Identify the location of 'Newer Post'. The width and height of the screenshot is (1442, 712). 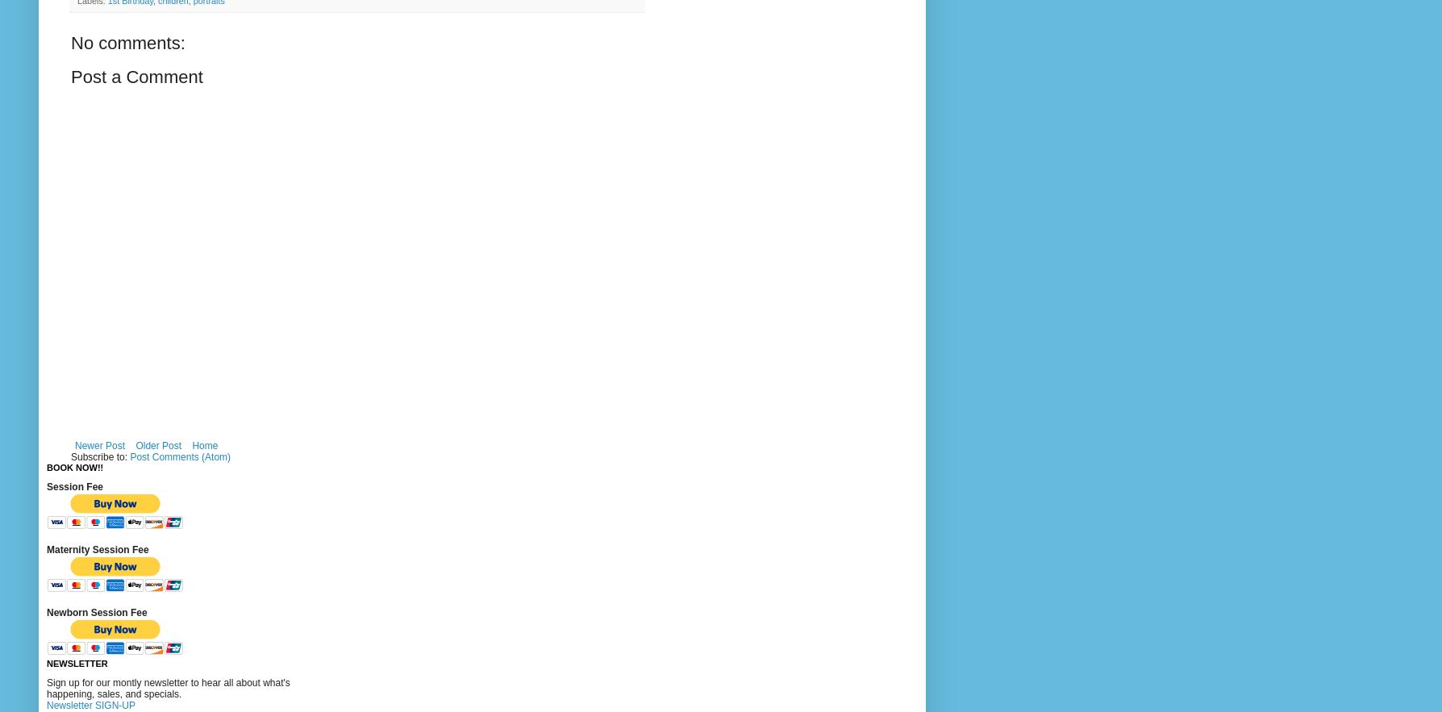
(74, 446).